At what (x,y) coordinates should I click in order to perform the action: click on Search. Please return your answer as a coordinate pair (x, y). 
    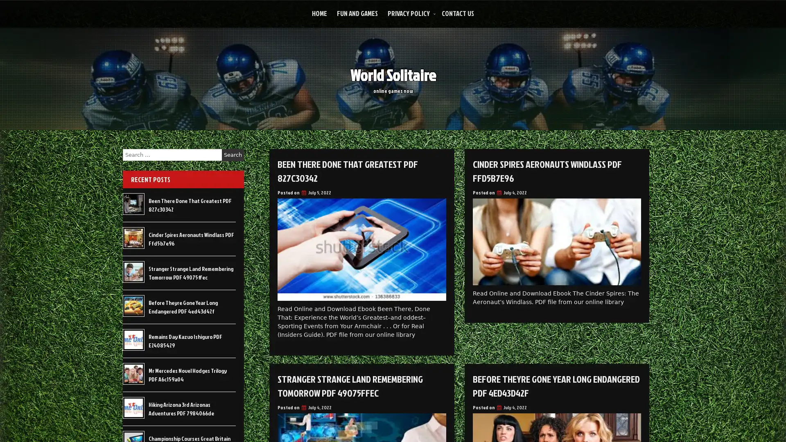
    Looking at the image, I should click on (233, 155).